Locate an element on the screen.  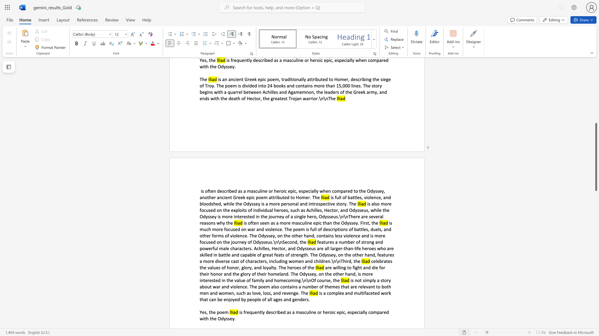
the scrollbar and move down 710 pixels is located at coordinates (596, 161).